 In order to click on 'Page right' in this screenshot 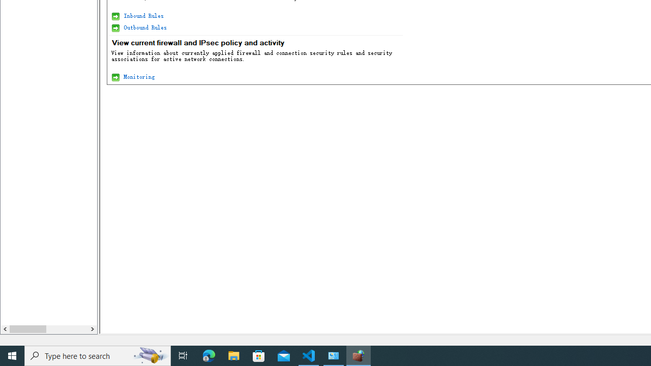, I will do `click(66, 329)`.